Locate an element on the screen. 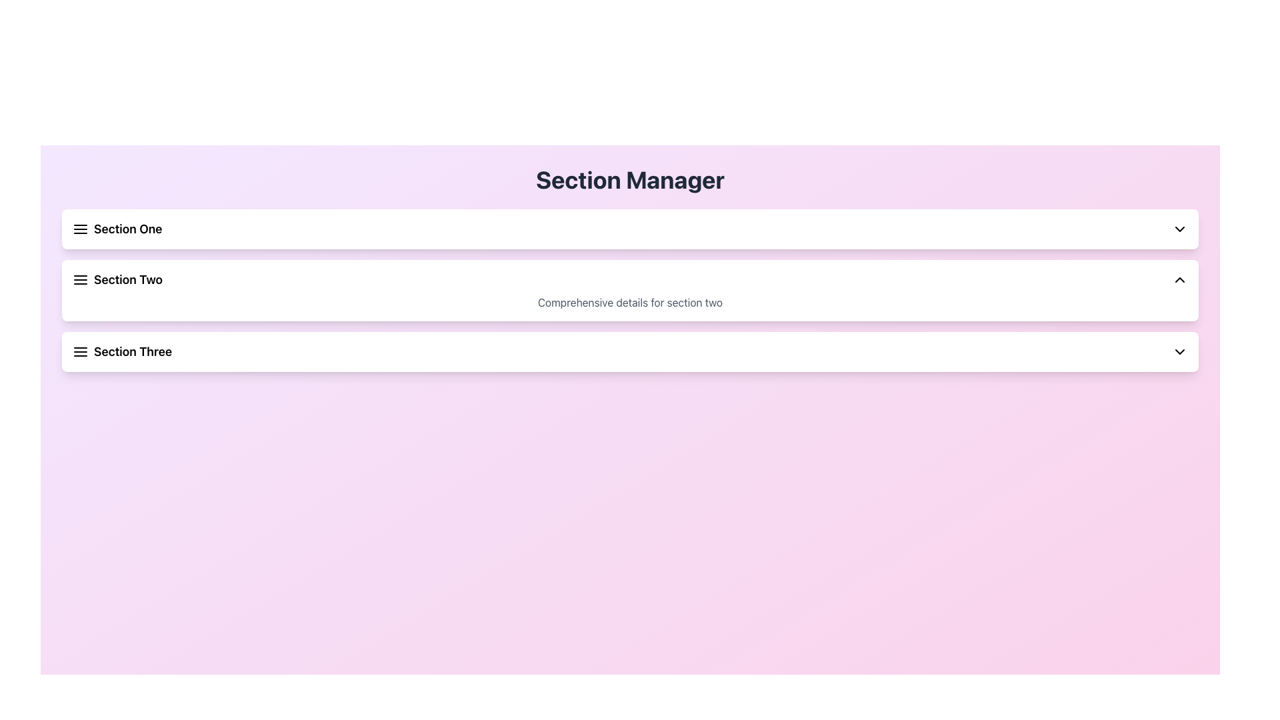 This screenshot has width=1280, height=720. the 'Section Manager' text label, which is a prominently styled header in bold font, centered within the interface and features a pastel gradient background is located at coordinates (629, 180).